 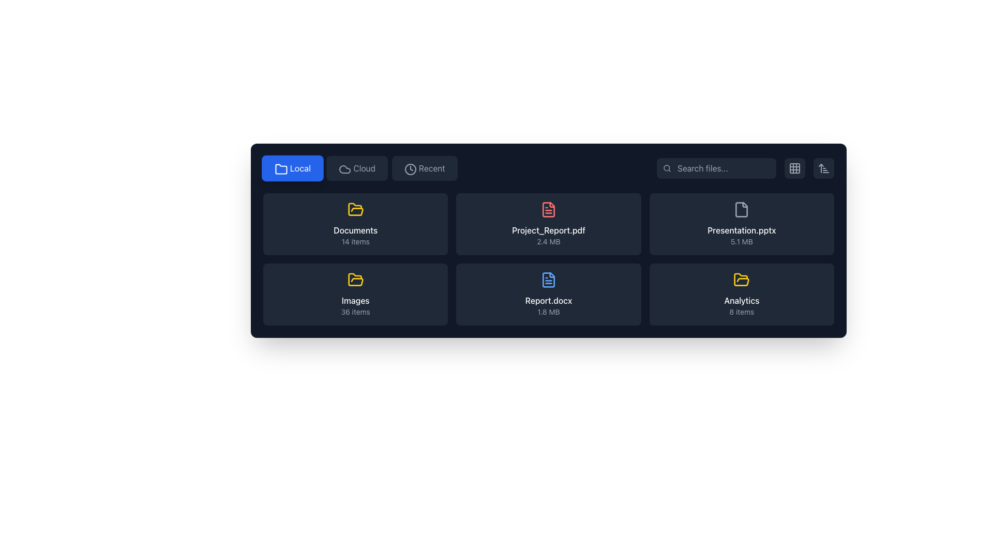 I want to click on the folder icon labeled 'Images' located, so click(x=355, y=280).